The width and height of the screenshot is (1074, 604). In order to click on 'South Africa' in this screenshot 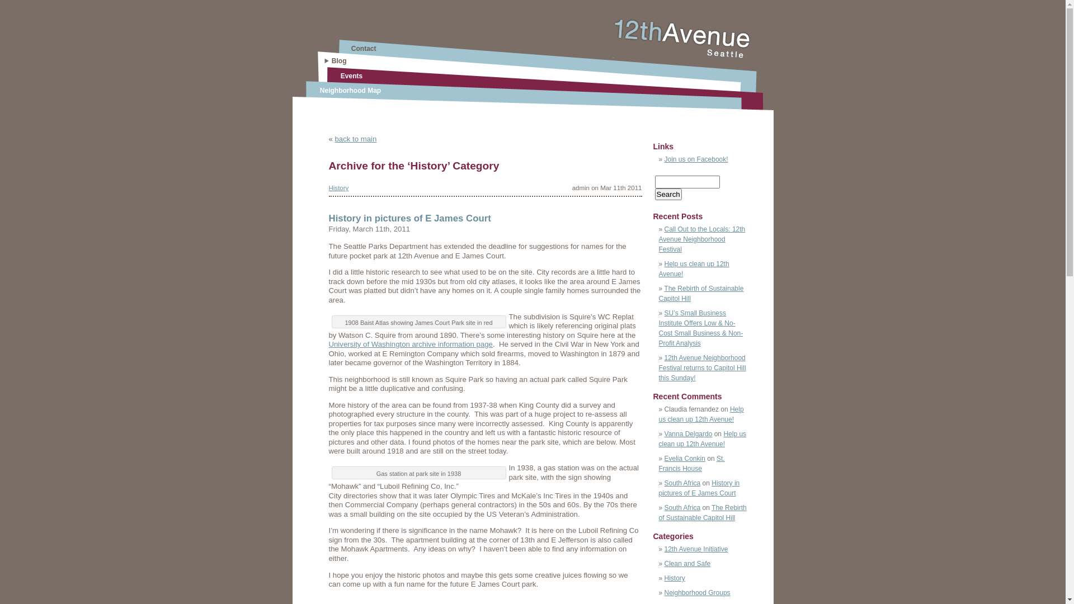, I will do `click(682, 507)`.